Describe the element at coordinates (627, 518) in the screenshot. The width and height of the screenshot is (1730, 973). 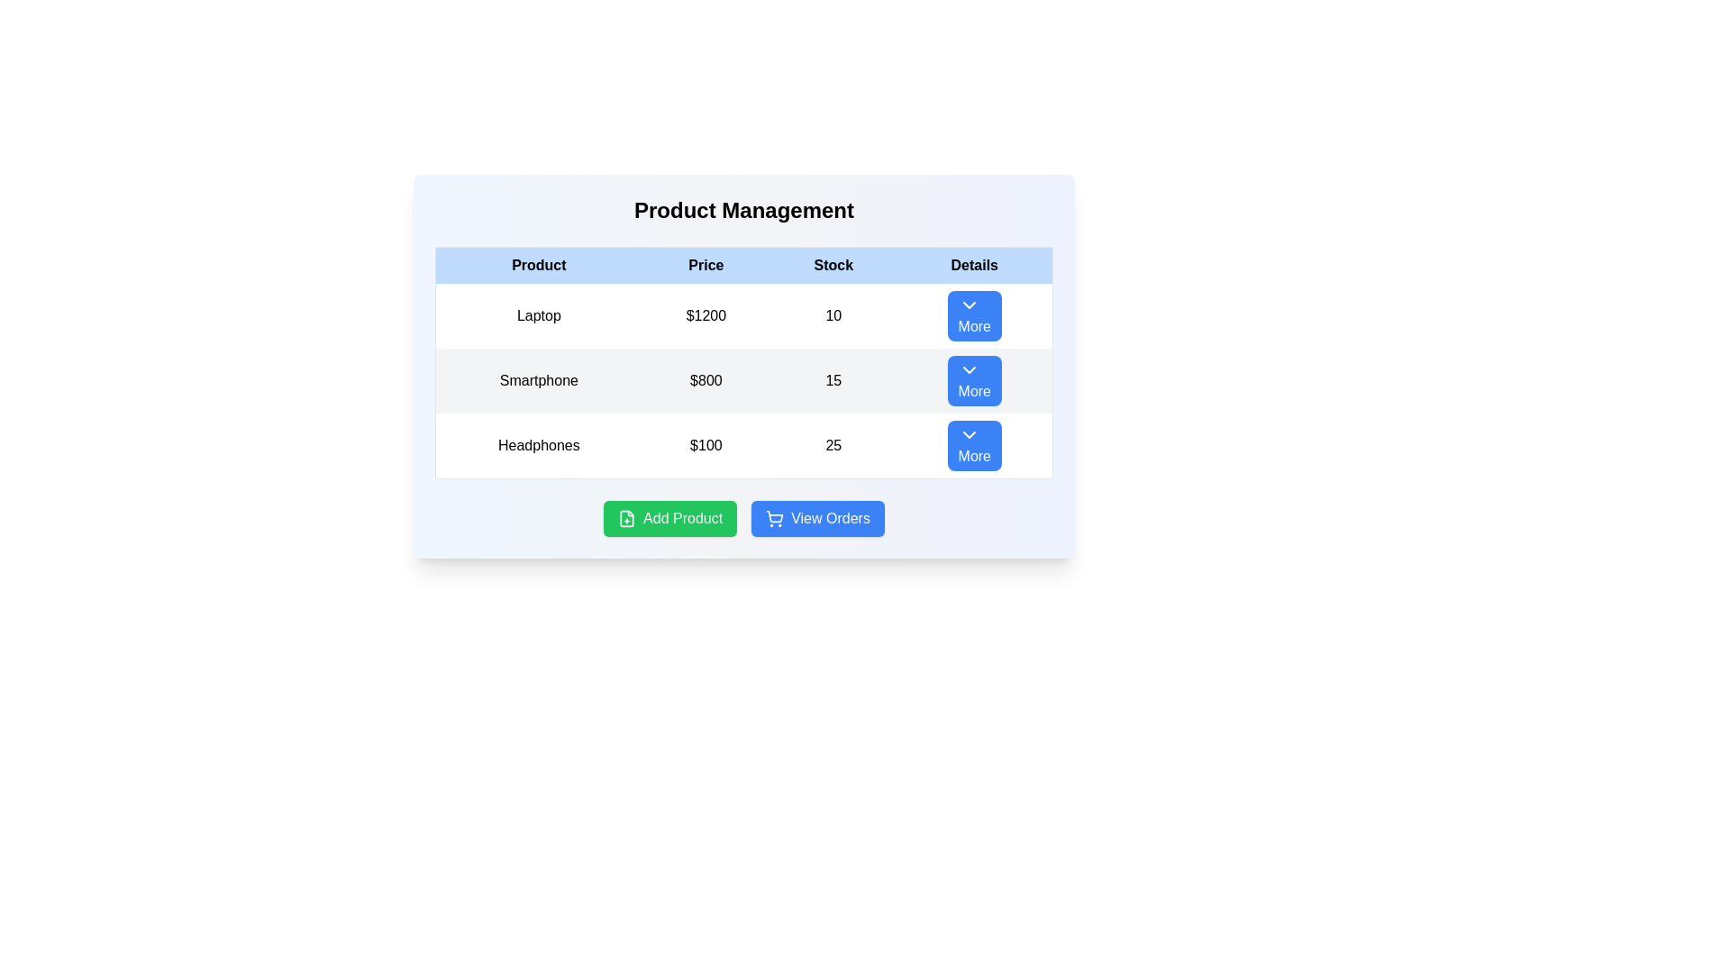
I see `the green document icon with a plus sign, located within the 'Add Product' button in the footer section of the interface` at that location.